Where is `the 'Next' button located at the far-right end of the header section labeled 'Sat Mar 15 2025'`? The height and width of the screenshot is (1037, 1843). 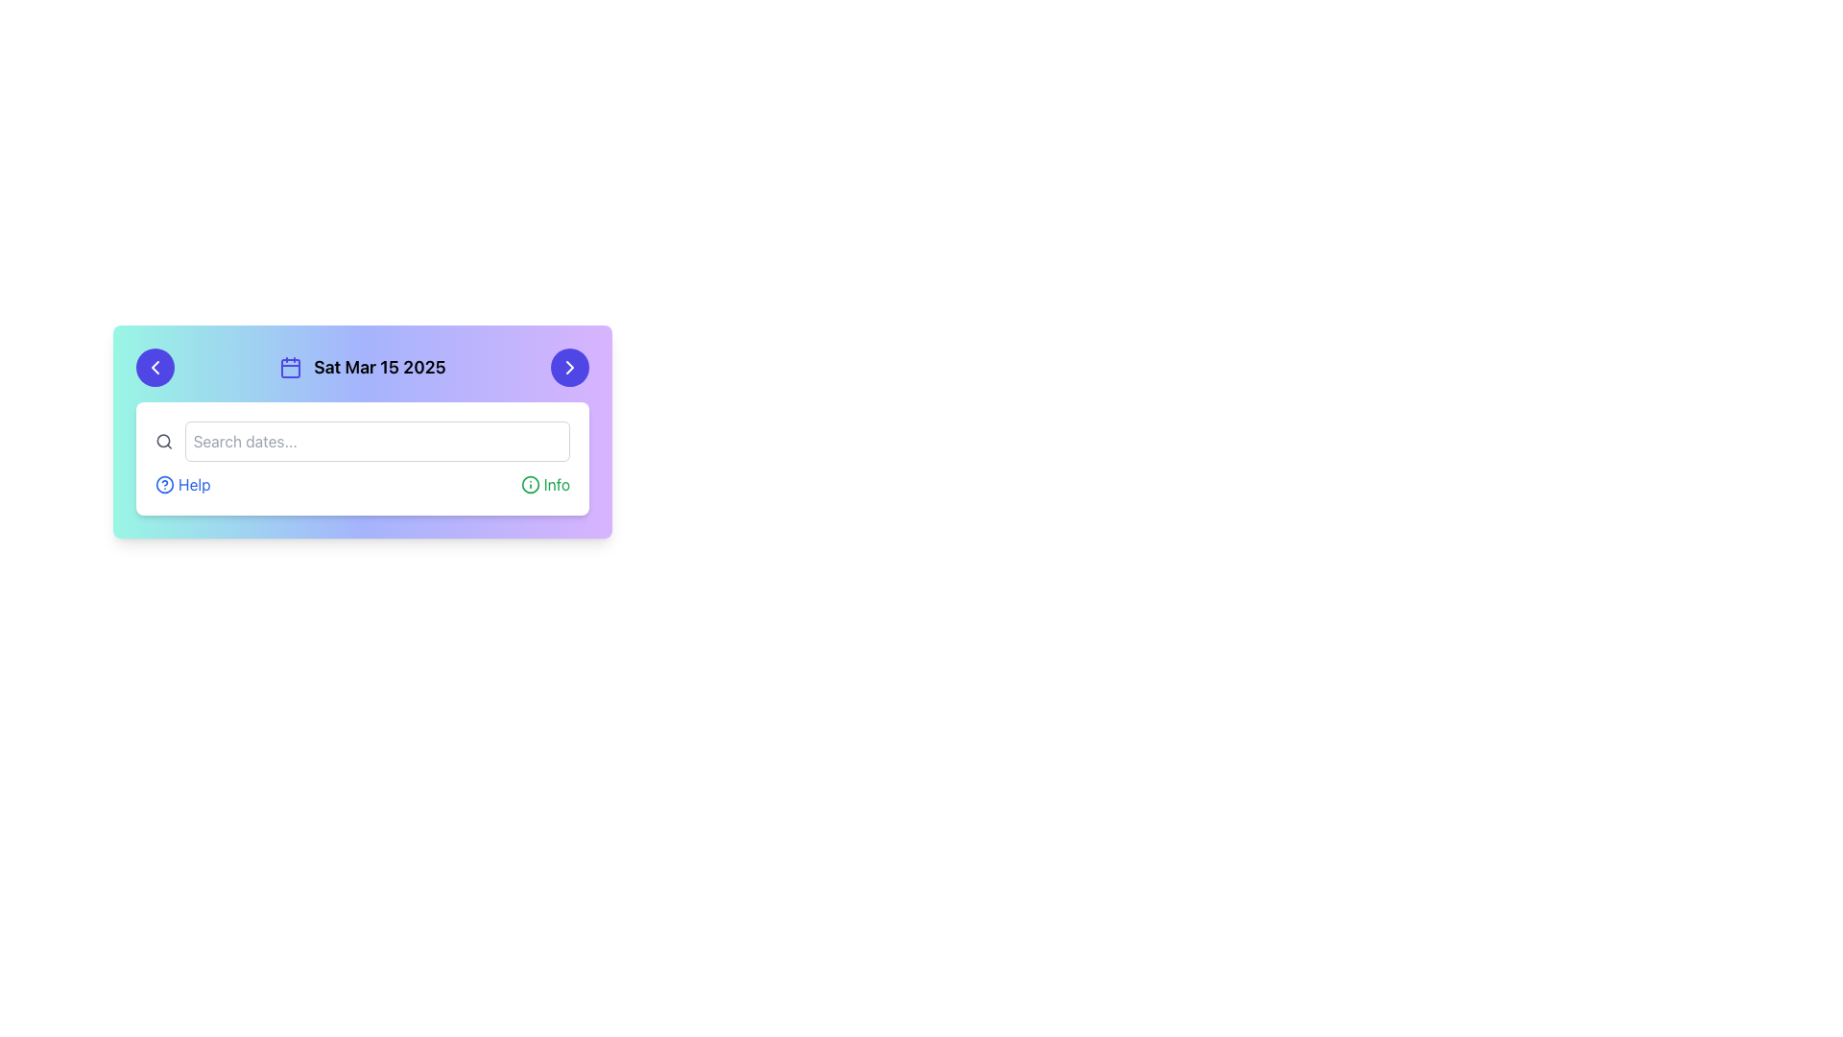
the 'Next' button located at the far-right end of the header section labeled 'Sat Mar 15 2025' is located at coordinates (569, 367).